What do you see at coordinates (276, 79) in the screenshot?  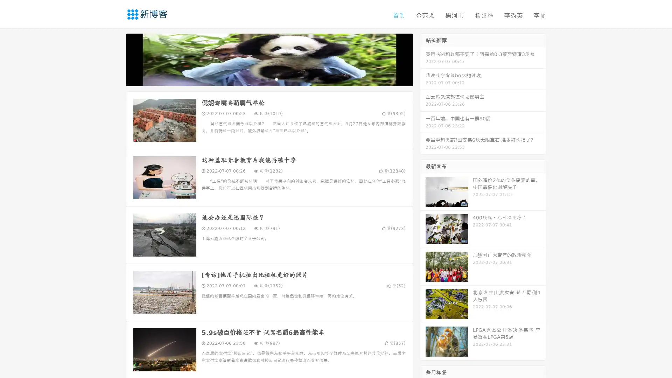 I see `Go to slide 3` at bounding box center [276, 79].